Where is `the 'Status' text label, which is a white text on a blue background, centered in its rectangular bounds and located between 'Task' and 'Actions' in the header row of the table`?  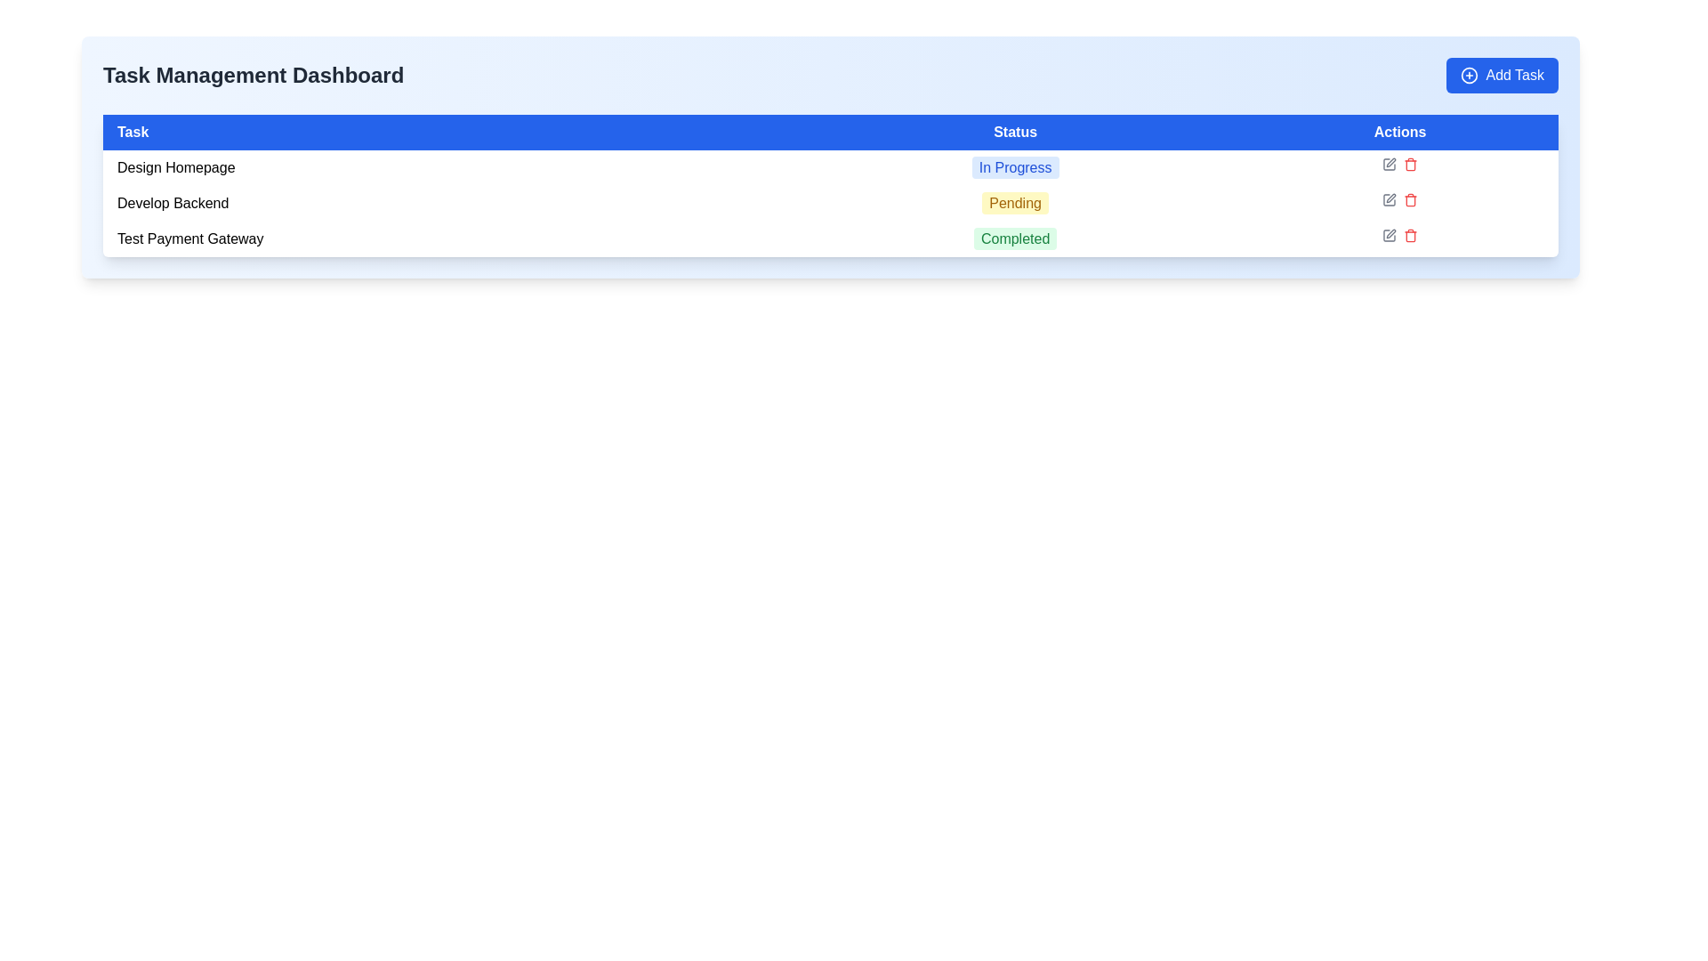 the 'Status' text label, which is a white text on a blue background, centered in its rectangular bounds and located between 'Task' and 'Actions' in the header row of the table is located at coordinates (1015, 132).